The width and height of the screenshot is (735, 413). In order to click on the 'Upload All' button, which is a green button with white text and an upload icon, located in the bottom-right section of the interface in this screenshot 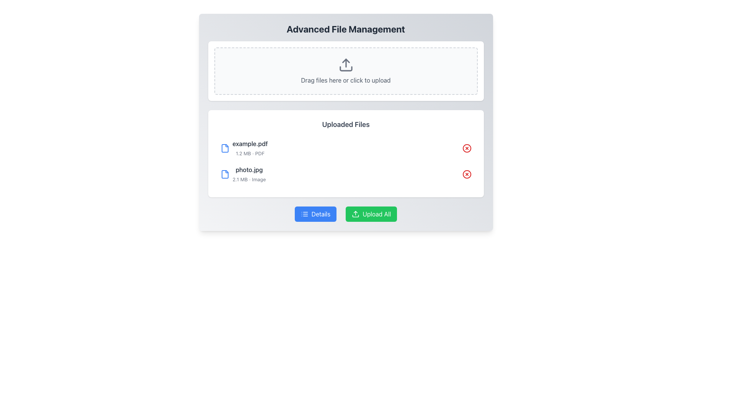, I will do `click(377, 214)`.